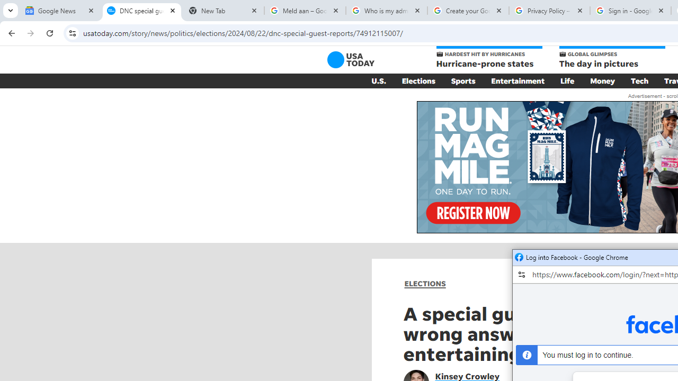 The height and width of the screenshot is (381, 678). What do you see at coordinates (222, 11) in the screenshot?
I see `'New Tab'` at bounding box center [222, 11].